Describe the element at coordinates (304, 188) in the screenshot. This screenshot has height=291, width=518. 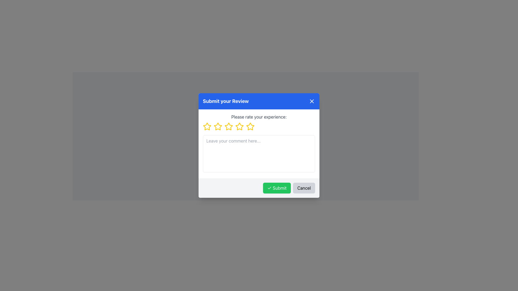
I see `the cancel button located at the bottom right of the modal window` at that location.